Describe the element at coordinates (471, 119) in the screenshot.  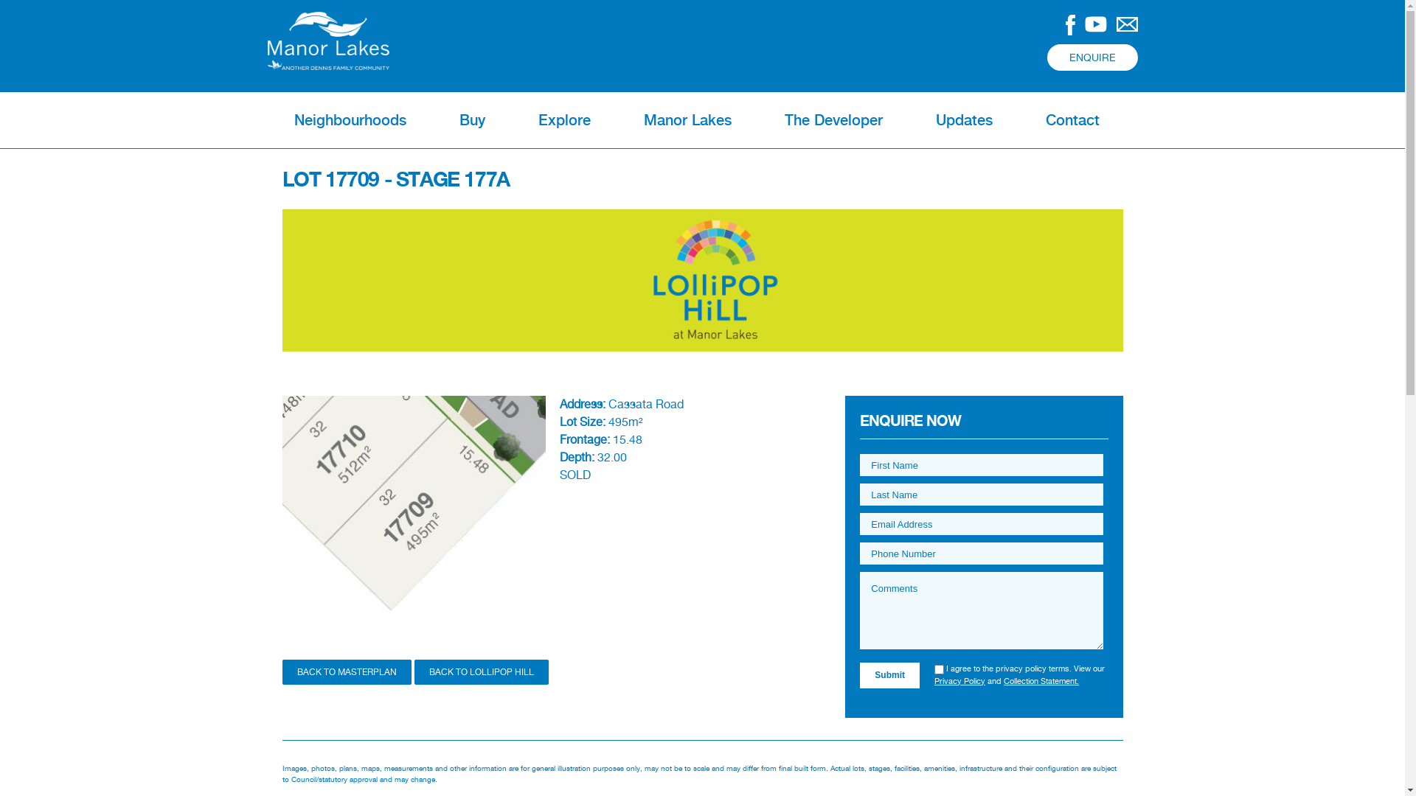
I see `'Buy'` at that location.